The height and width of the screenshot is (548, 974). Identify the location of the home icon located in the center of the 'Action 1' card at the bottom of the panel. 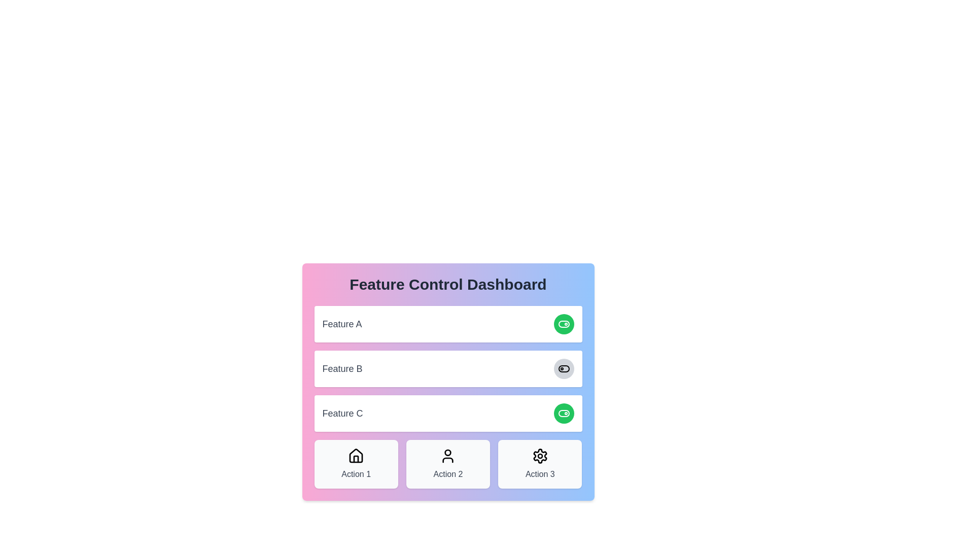
(356, 455).